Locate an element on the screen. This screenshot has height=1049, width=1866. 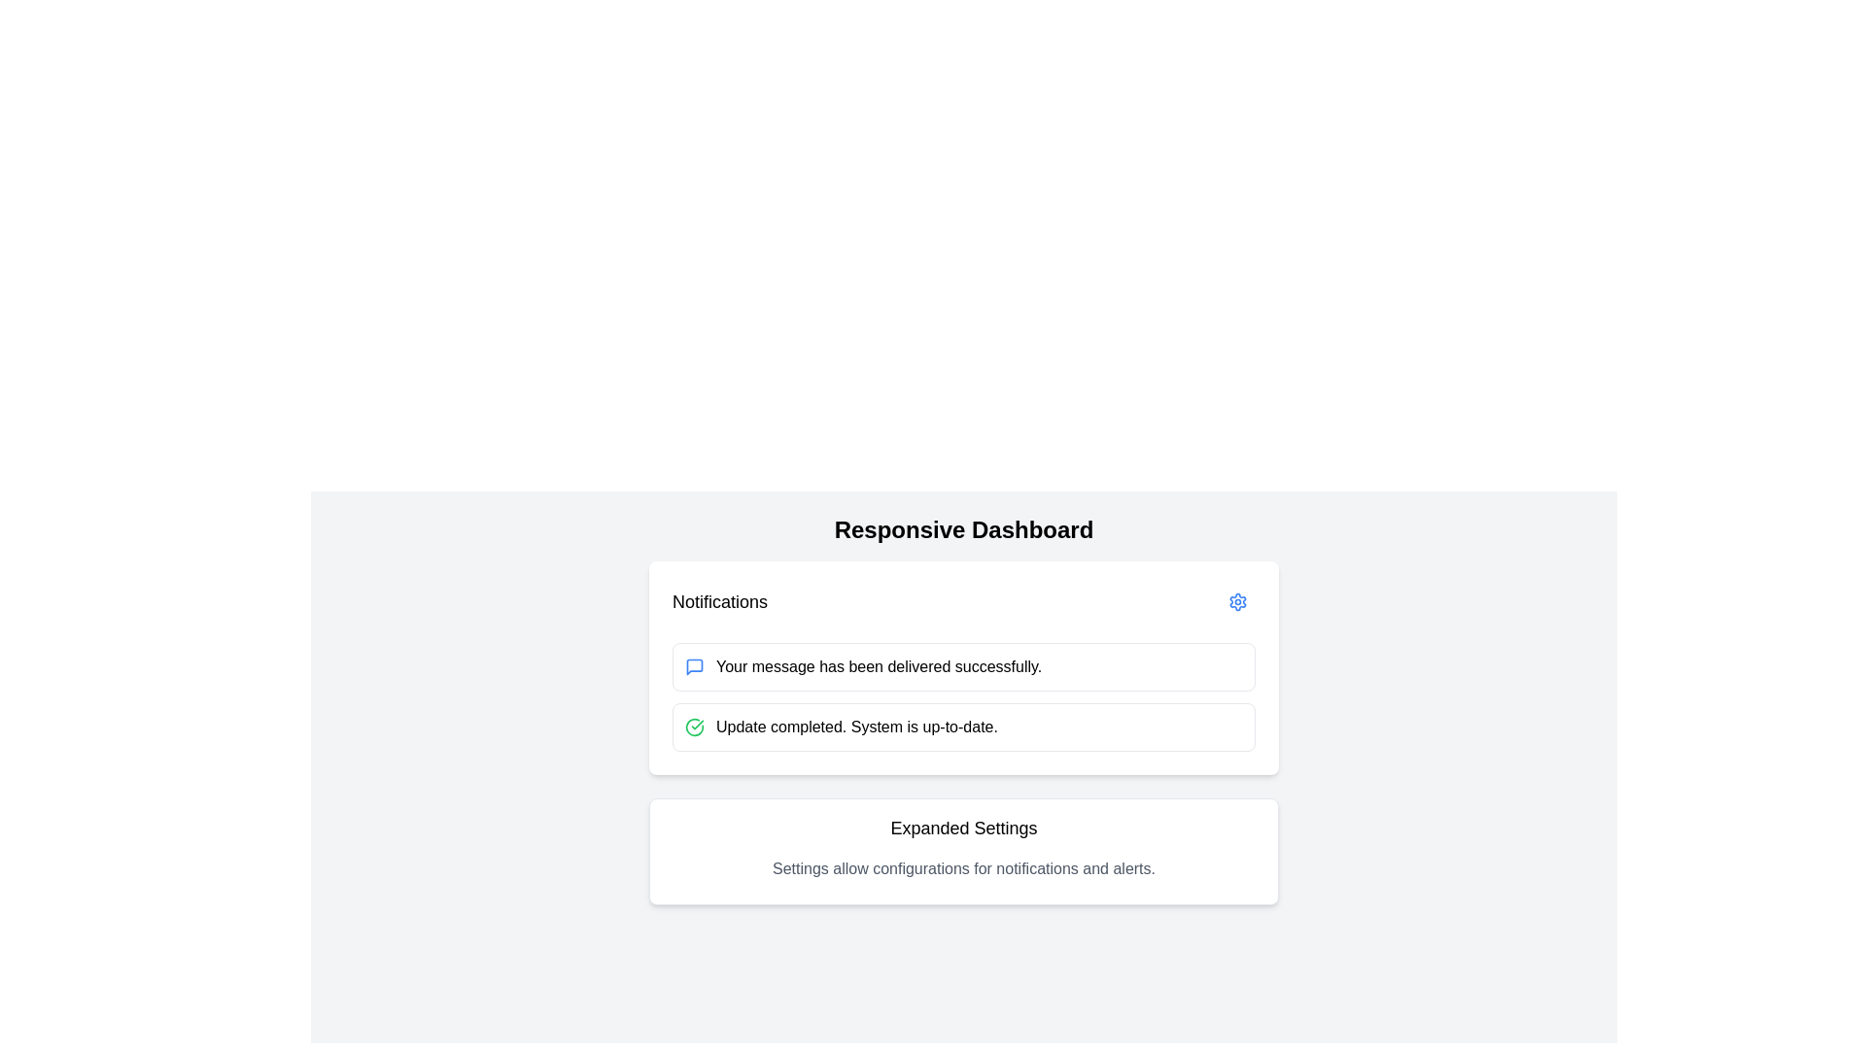
the static text element that reads 'Settings allow configurations for notifications and alerts.', which is styled in gray font color and positioned below the 'Expanded Settings' heading is located at coordinates (964, 867).